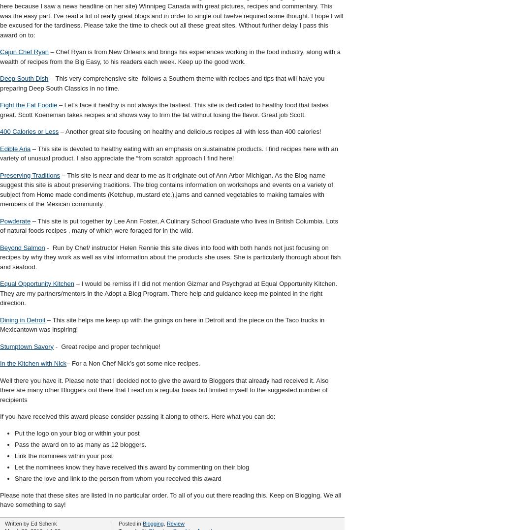  Describe the element at coordinates (36, 283) in the screenshot. I see `'Equal Opportunity Kitchen'` at that location.